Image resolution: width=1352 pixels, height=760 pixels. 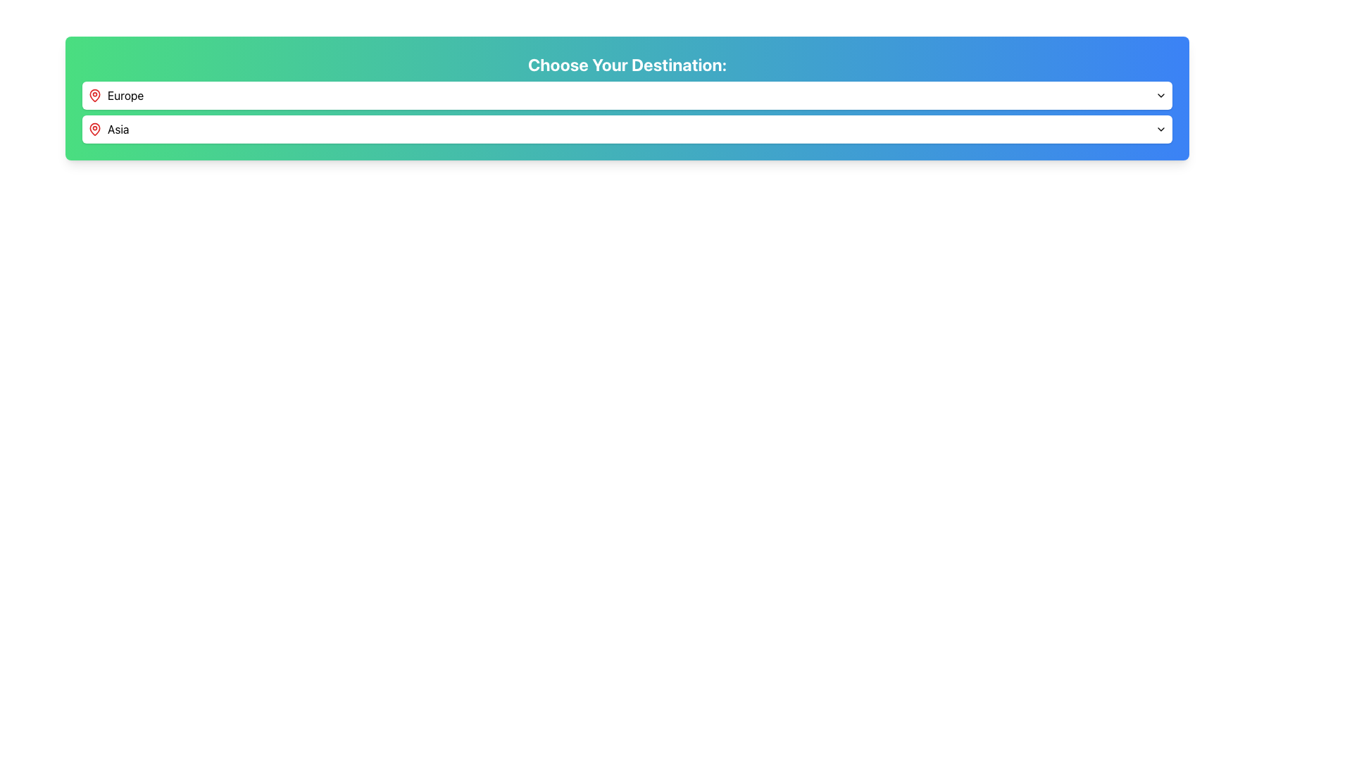 What do you see at coordinates (115, 95) in the screenshot?
I see `the selectable option for the continent 'Europe' in the destination selection interface` at bounding box center [115, 95].